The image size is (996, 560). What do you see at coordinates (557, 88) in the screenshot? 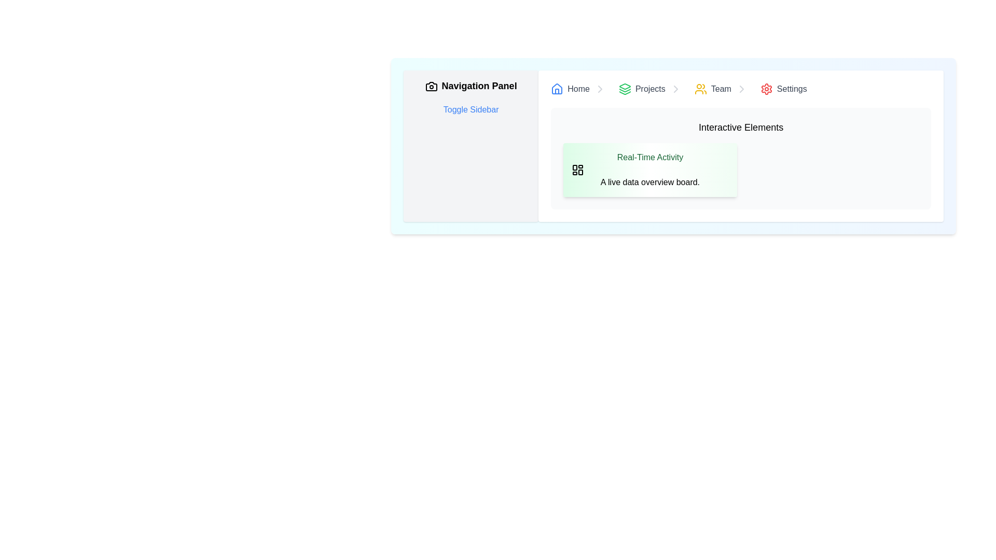
I see `the house icon button, which is styled in blue and represents the 'home' section in the top navigation bar` at bounding box center [557, 88].